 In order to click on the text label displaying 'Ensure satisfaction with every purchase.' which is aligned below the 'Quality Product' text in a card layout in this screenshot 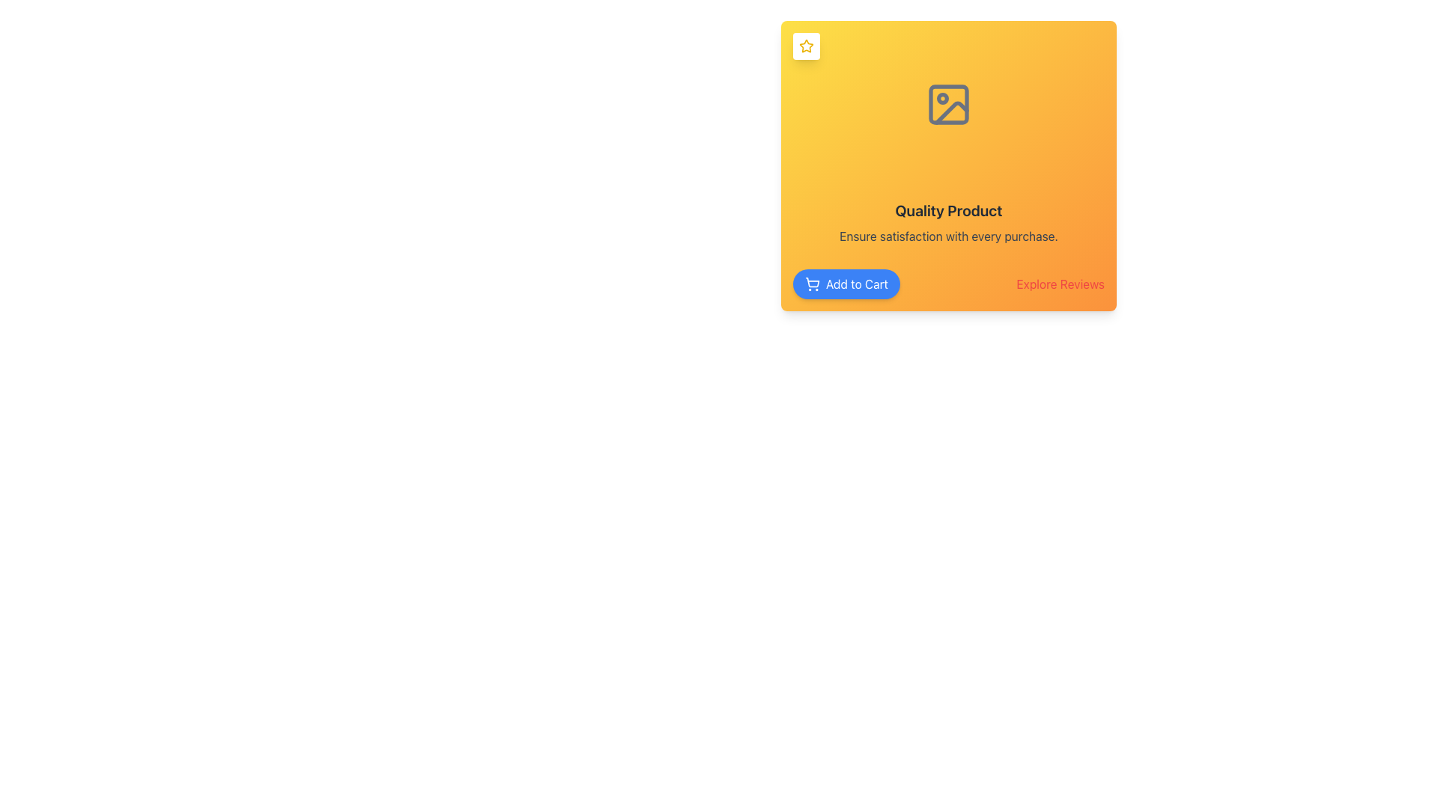, I will do `click(948, 236)`.